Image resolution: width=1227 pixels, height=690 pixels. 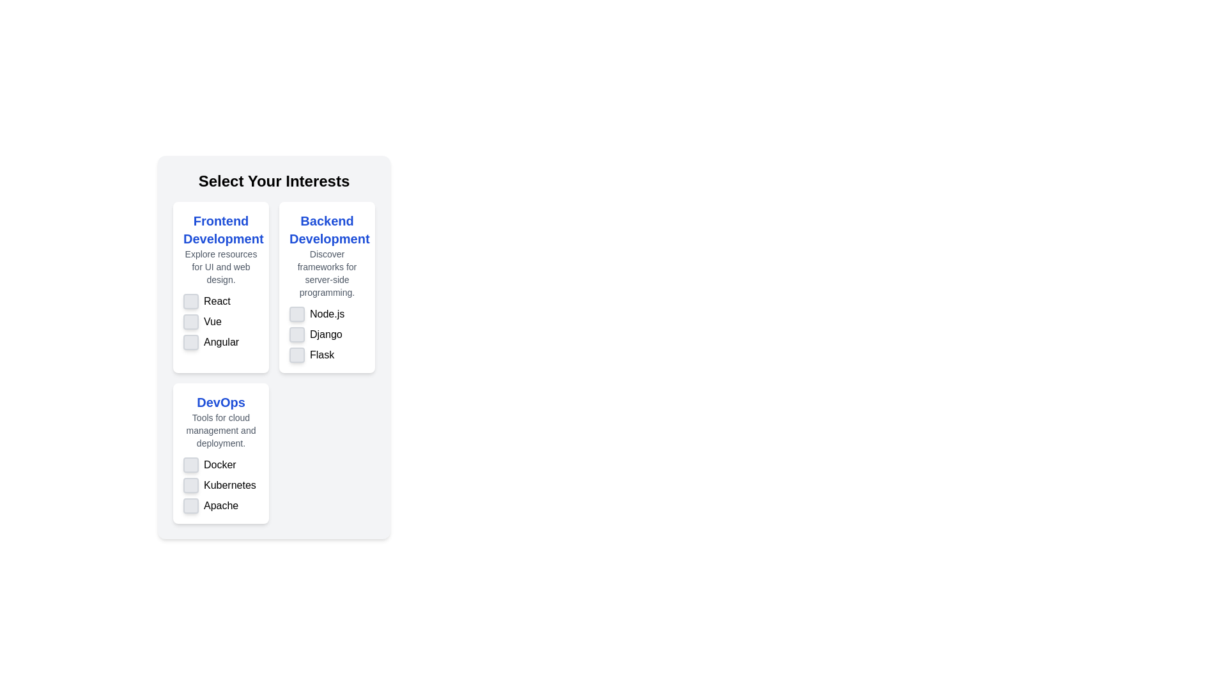 What do you see at coordinates (327, 229) in the screenshot?
I see `the 'Backend Development' header text label, which is displayed in bold blue font at the top of the card in the middle column of the layout` at bounding box center [327, 229].